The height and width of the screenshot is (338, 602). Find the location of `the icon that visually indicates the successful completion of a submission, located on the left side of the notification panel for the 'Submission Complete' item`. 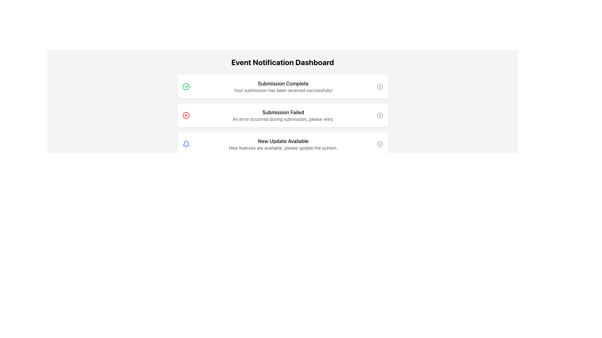

the icon that visually indicates the successful completion of a submission, located on the left side of the notification panel for the 'Submission Complete' item is located at coordinates (186, 87).